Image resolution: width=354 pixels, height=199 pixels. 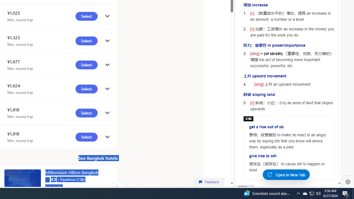 I want to click on 'AutomationID: posbtn_1', so click(x=251, y=188).